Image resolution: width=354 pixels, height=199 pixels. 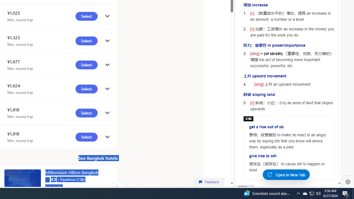 I want to click on 'AutomationID: posbtn_1', so click(x=251, y=188).